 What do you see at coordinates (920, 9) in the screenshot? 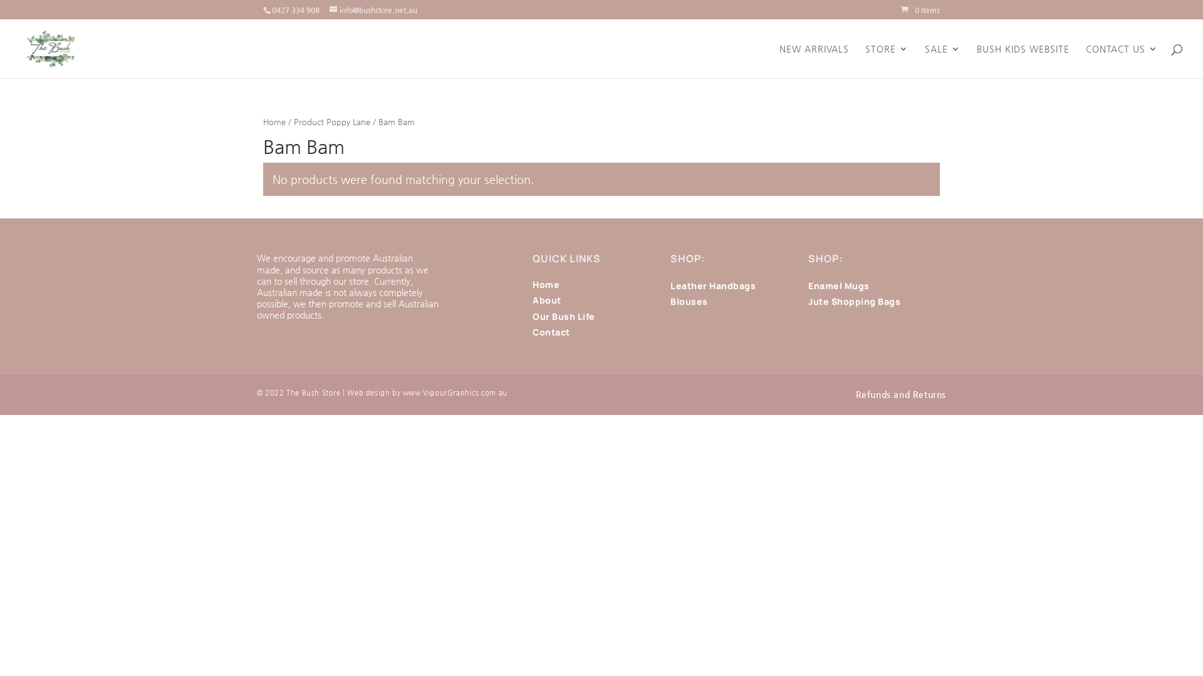
I see `'0 Items'` at bounding box center [920, 9].